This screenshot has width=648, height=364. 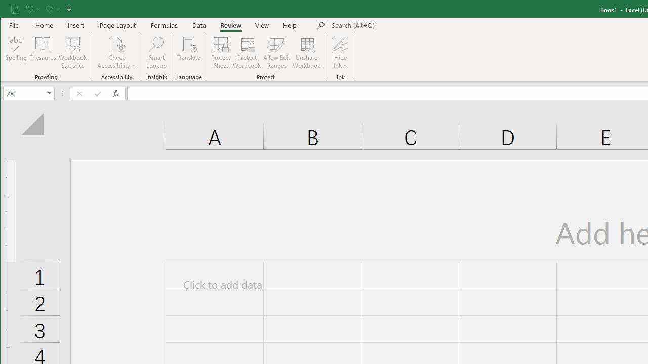 I want to click on 'Insert', so click(x=75, y=25).